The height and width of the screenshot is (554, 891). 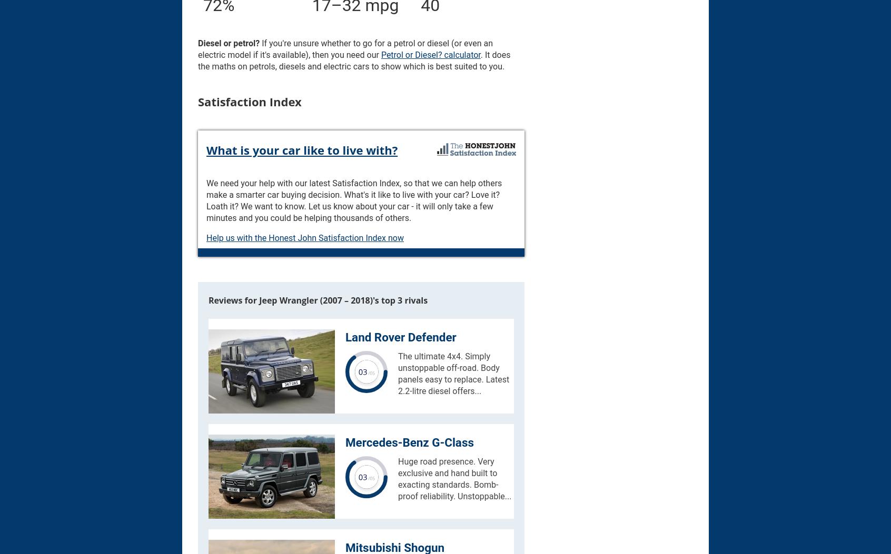 What do you see at coordinates (228, 43) in the screenshot?
I see `'Diesel or petrol?'` at bounding box center [228, 43].